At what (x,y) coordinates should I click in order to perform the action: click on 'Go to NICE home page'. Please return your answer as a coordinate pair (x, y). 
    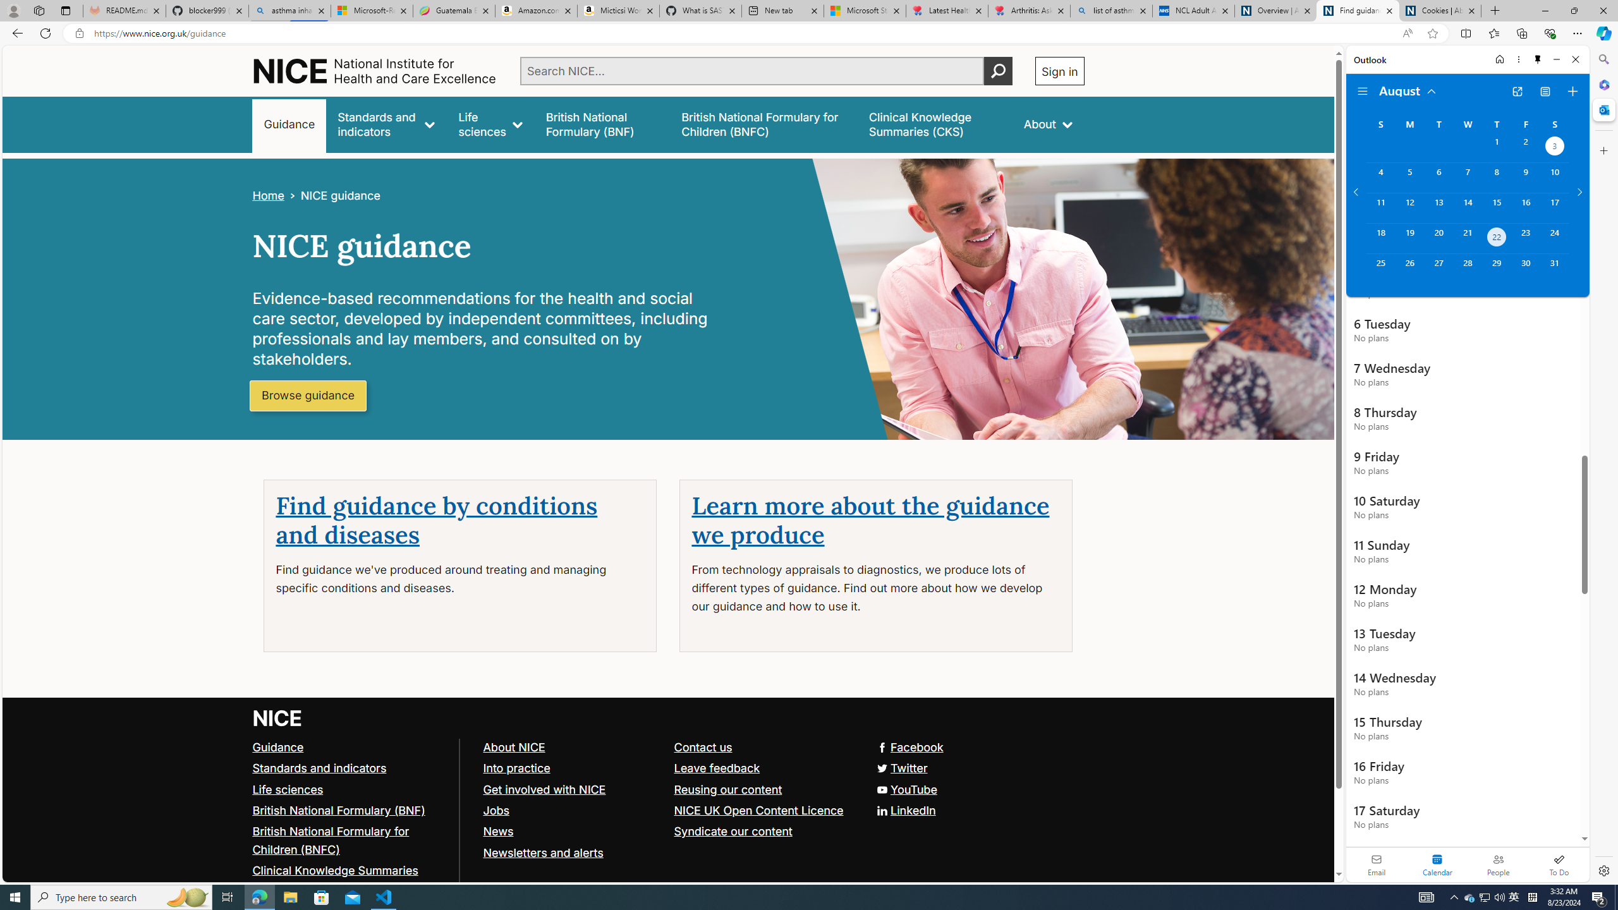
    Looking at the image, I should click on (278, 717).